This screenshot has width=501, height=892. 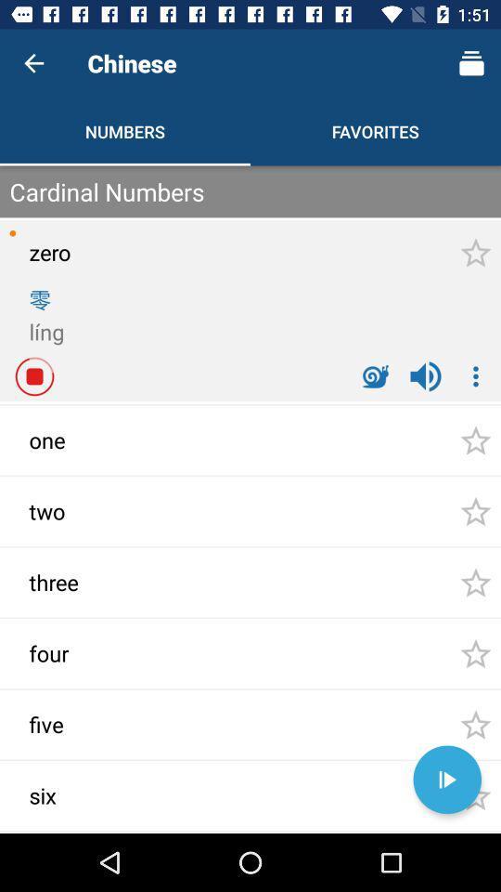 What do you see at coordinates (446, 780) in the screenshot?
I see `the av_forward icon` at bounding box center [446, 780].